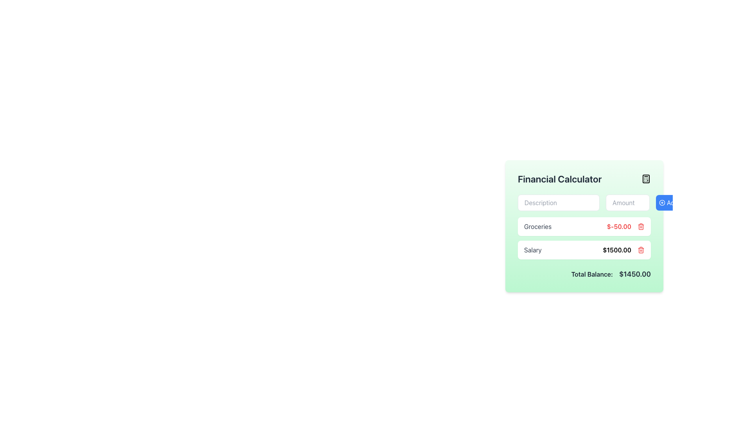 The image size is (751, 422). What do you see at coordinates (592, 274) in the screenshot?
I see `the 'Total Balance:' label, which is displayed in a bold font with dark color in the financial summary section, located near the bottom-right corner of the layout` at bounding box center [592, 274].